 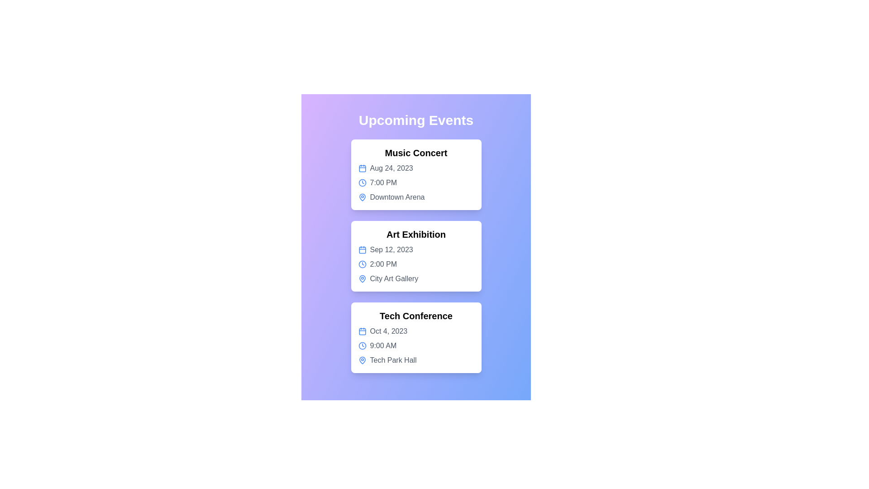 I want to click on the blue location pin icon next to the text 'Tech Park Hall' at the bottom of the 'Tech Conference' event card for context, so click(x=415, y=360).